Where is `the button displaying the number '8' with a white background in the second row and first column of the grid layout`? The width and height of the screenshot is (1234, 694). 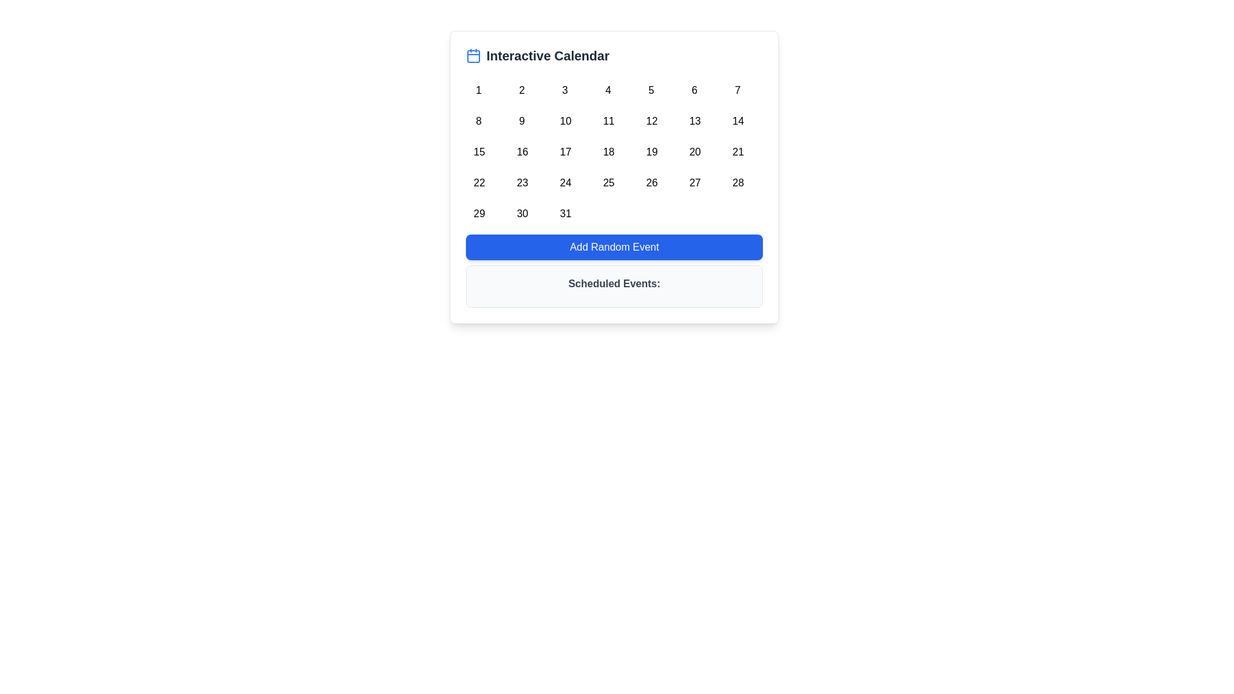
the button displaying the number '8' with a white background in the second row and first column of the grid layout is located at coordinates (478, 119).